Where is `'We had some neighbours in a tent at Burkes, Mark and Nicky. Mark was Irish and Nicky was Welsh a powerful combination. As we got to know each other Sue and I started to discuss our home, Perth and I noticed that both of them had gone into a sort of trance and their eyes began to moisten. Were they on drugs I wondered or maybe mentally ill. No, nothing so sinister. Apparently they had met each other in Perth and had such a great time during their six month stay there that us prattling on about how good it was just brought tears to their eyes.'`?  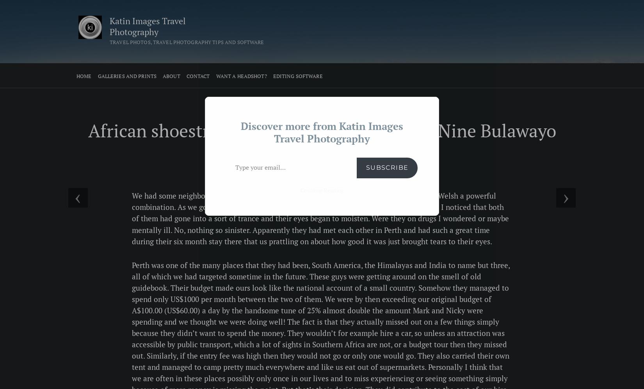
'We had some neighbours in a tent at Burkes, Mark and Nicky. Mark was Irish and Nicky was Welsh a powerful combination. As we got to know each other Sue and I started to discuss our home, Perth and I noticed that both of them had gone into a sort of trance and their eyes began to moisten. Were they on drugs I wondered or maybe mentally ill. No, nothing so sinister. Apparently they had met each other in Perth and had such a great time during their six month stay there that us prattling on about how good it was just brought tears to their eyes.' is located at coordinates (320, 218).